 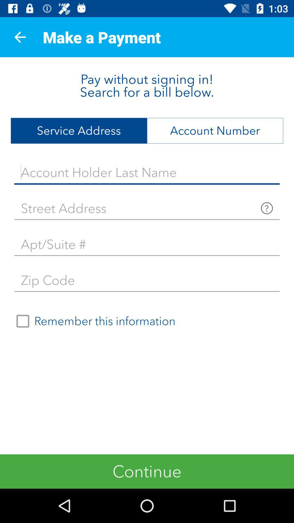 I want to click on the item at the top right corner, so click(x=215, y=131).